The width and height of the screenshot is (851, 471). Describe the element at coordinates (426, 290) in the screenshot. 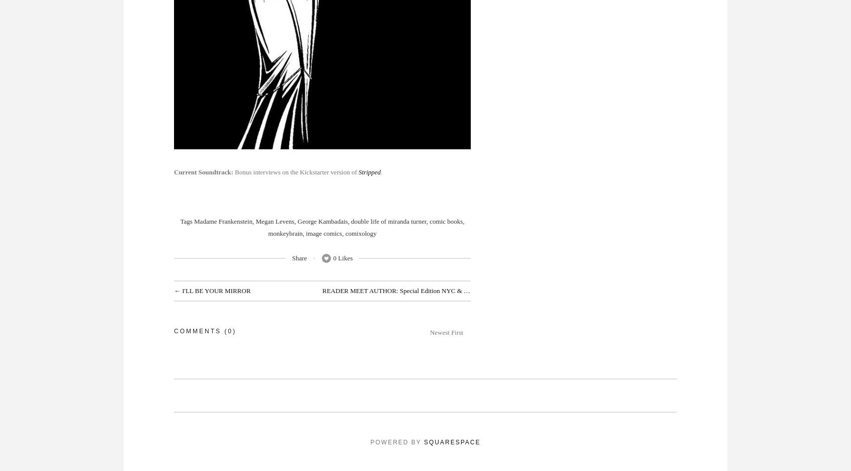

I see `'READER MEET AUTHOR: Special Edition NYC & Free Comic Book Day →'` at that location.